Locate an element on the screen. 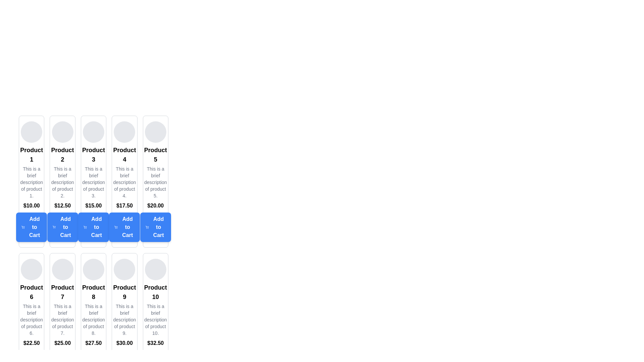  the text element providing a brief description of 'Product 2' located in the second column of the grid layout is located at coordinates (62, 182).